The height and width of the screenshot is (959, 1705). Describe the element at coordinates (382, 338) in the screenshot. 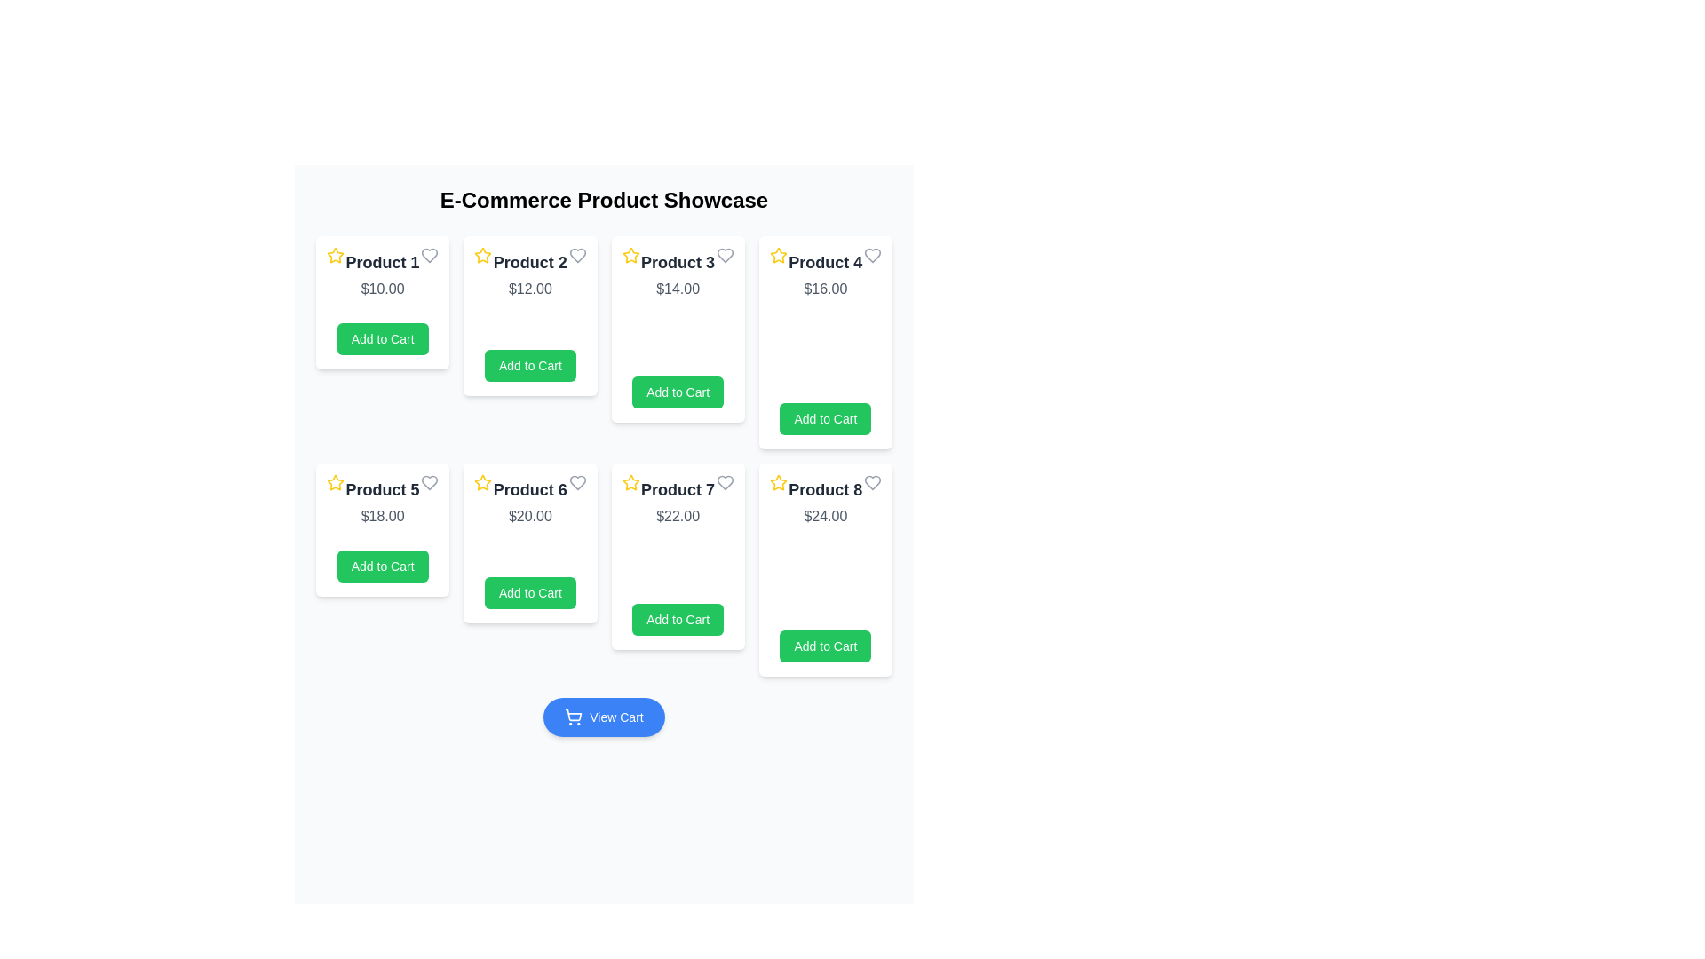

I see `the button located at the bottom of the card for 'Product 1'` at that location.